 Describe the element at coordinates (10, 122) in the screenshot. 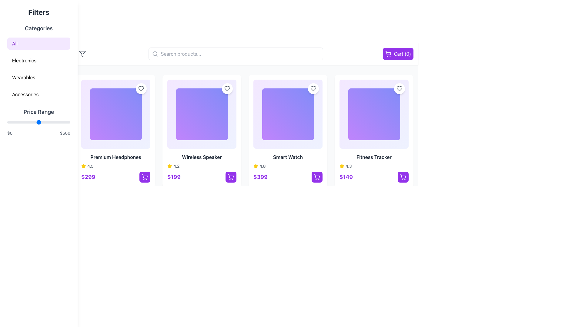

I see `the price range slider` at that location.